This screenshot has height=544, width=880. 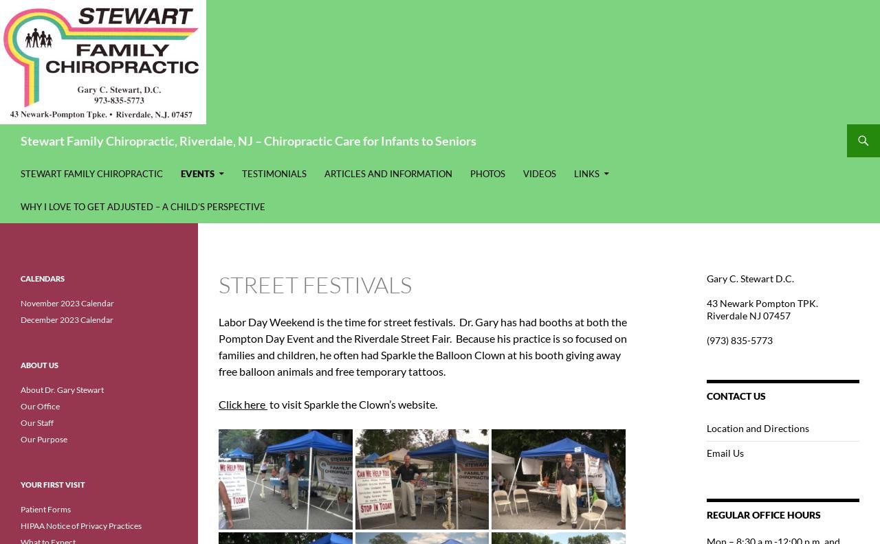 What do you see at coordinates (314, 284) in the screenshot?
I see `'Street Festivals'` at bounding box center [314, 284].